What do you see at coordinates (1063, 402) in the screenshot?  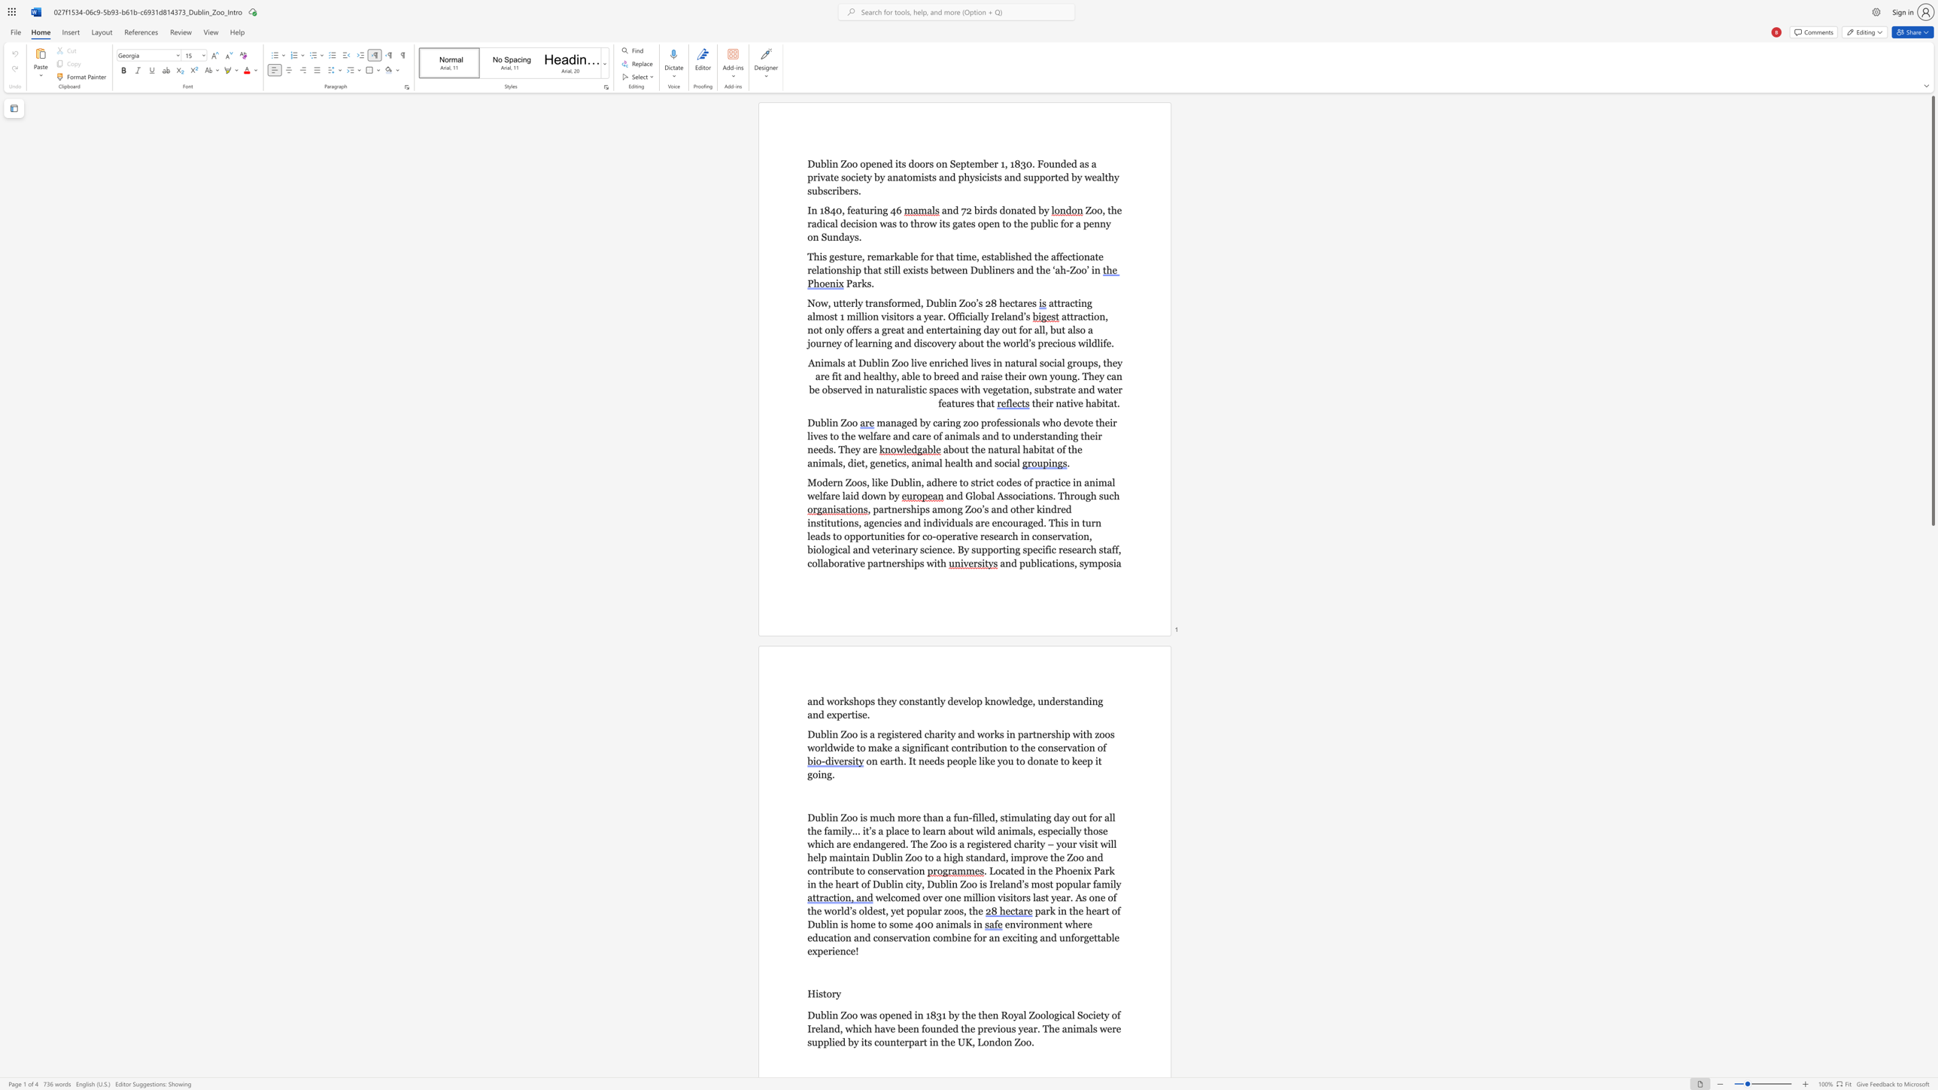 I see `the 1th character "a" in the text` at bounding box center [1063, 402].